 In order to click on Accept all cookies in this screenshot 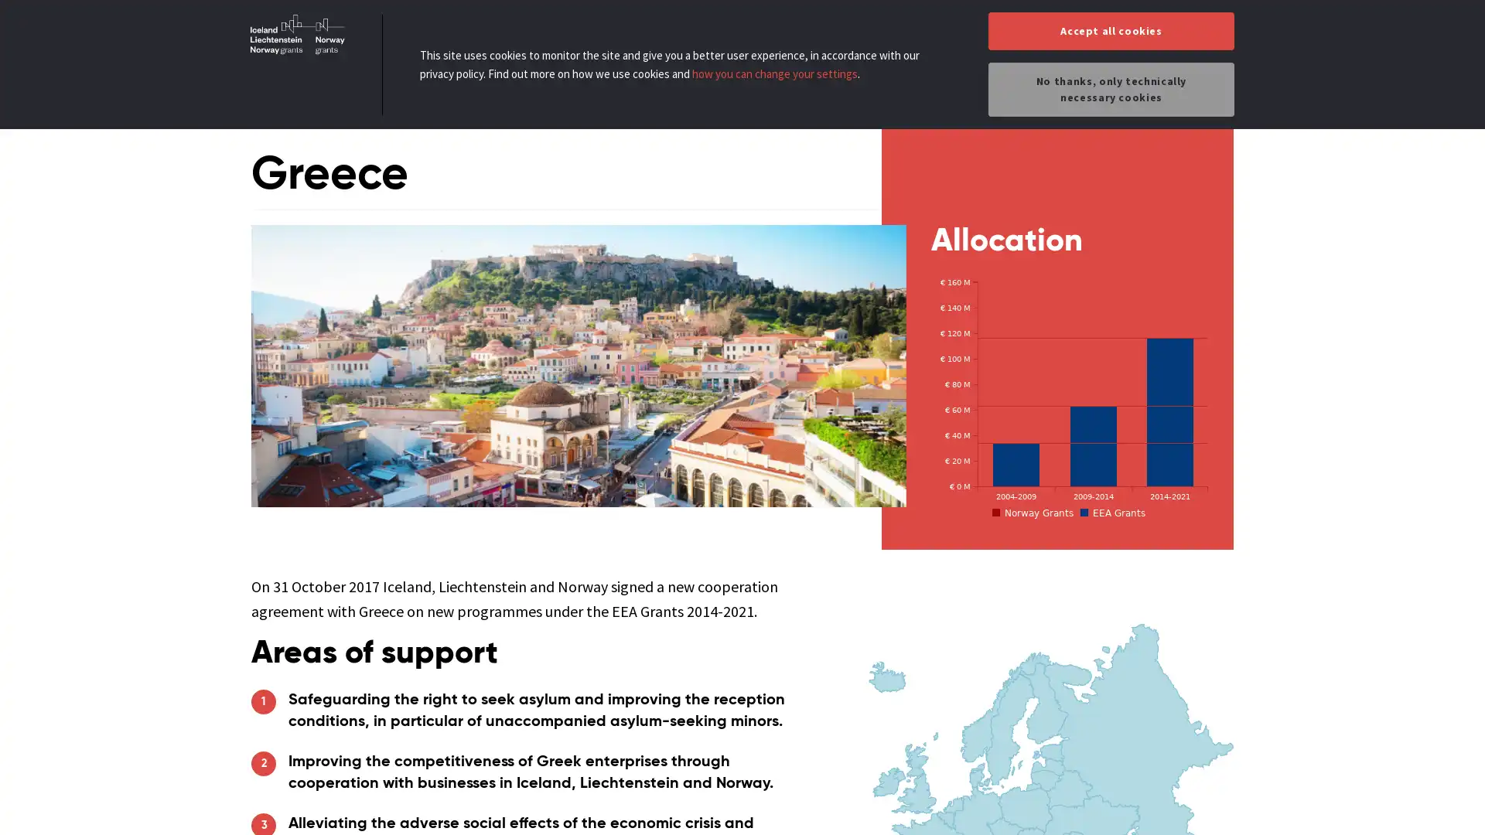, I will do `click(1110, 31)`.